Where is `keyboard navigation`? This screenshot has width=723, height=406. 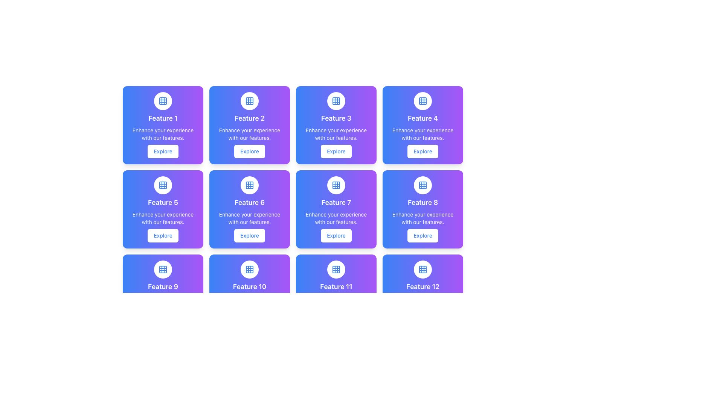
keyboard navigation is located at coordinates (336, 235).